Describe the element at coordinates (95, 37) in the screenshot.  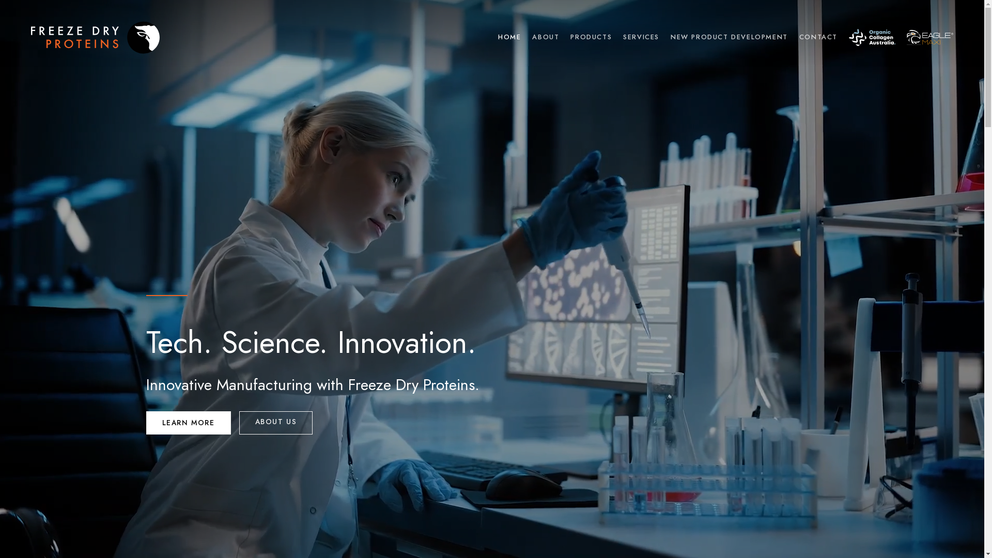
I see `'Freeze Dry Proteins'` at that location.